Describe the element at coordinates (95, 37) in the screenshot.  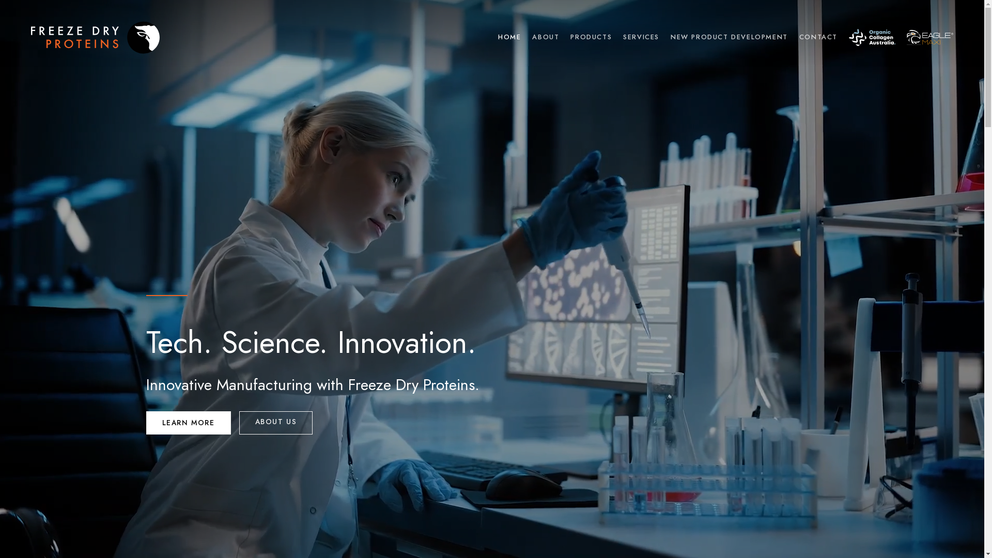
I see `'Freeze Dry Proteins'` at that location.